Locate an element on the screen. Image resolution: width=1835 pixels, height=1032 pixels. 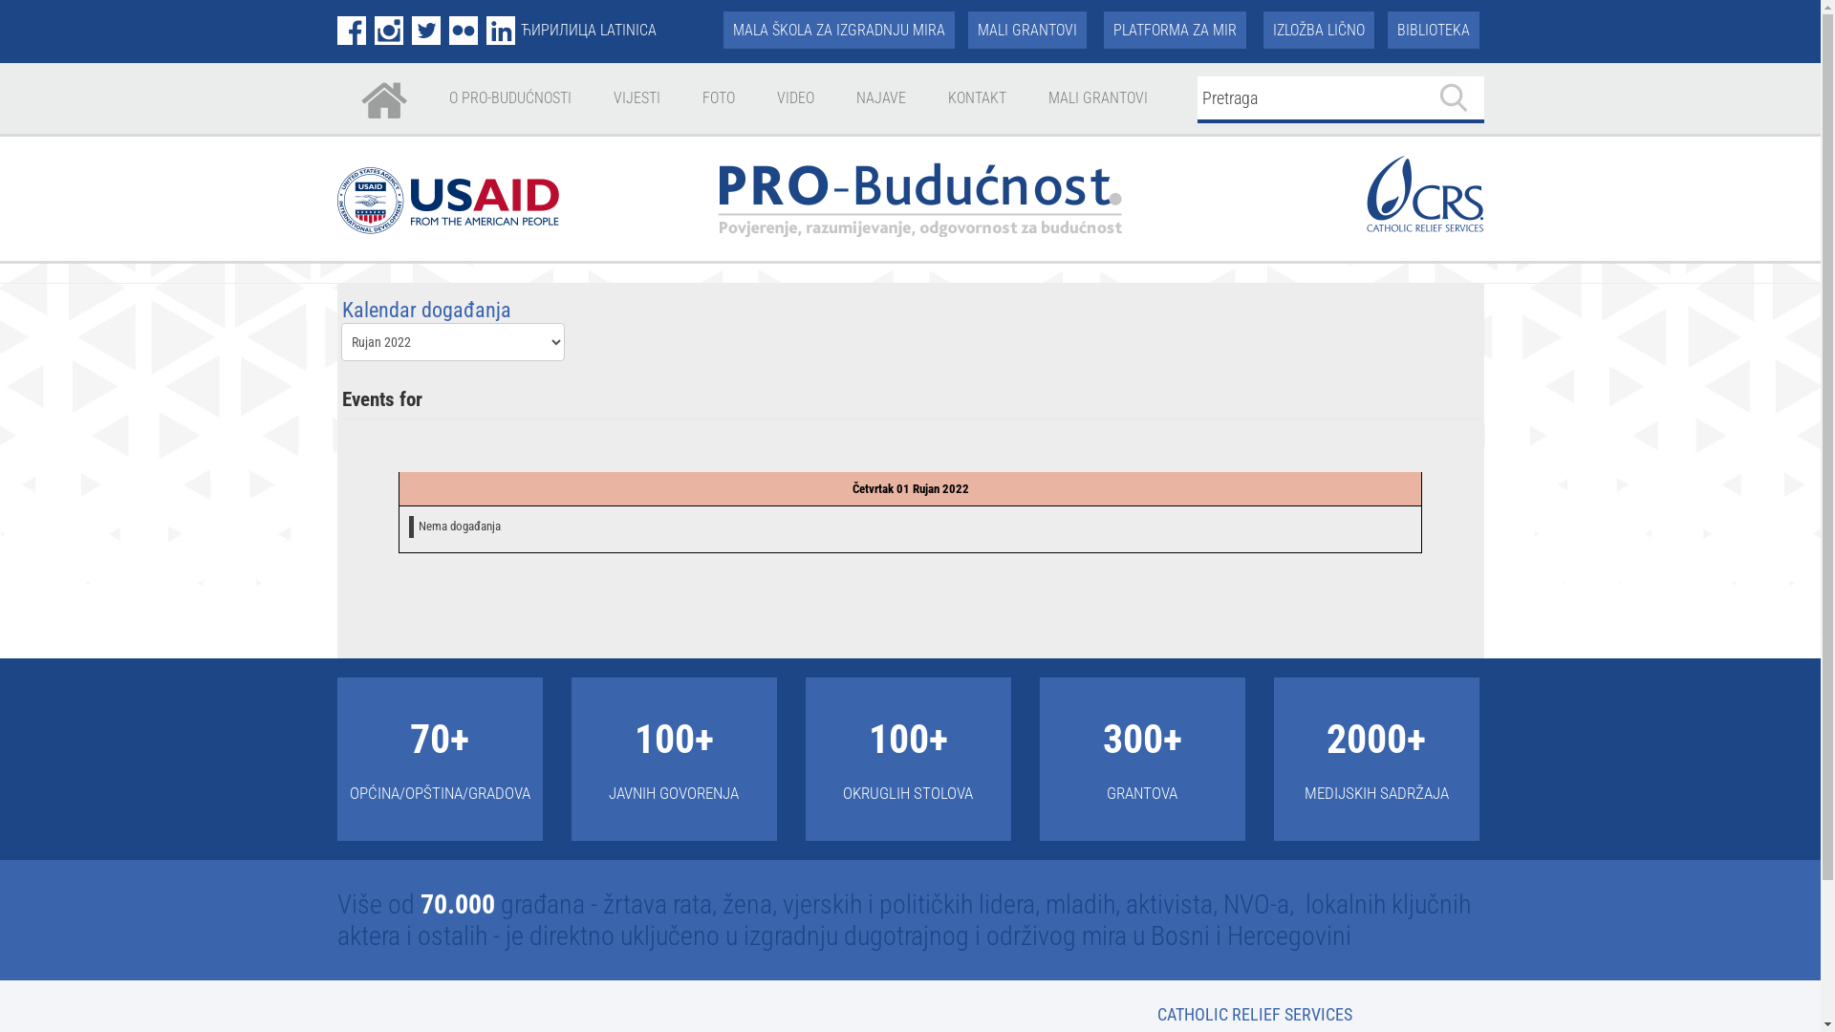
'NAJAVE' is located at coordinates (879, 98).